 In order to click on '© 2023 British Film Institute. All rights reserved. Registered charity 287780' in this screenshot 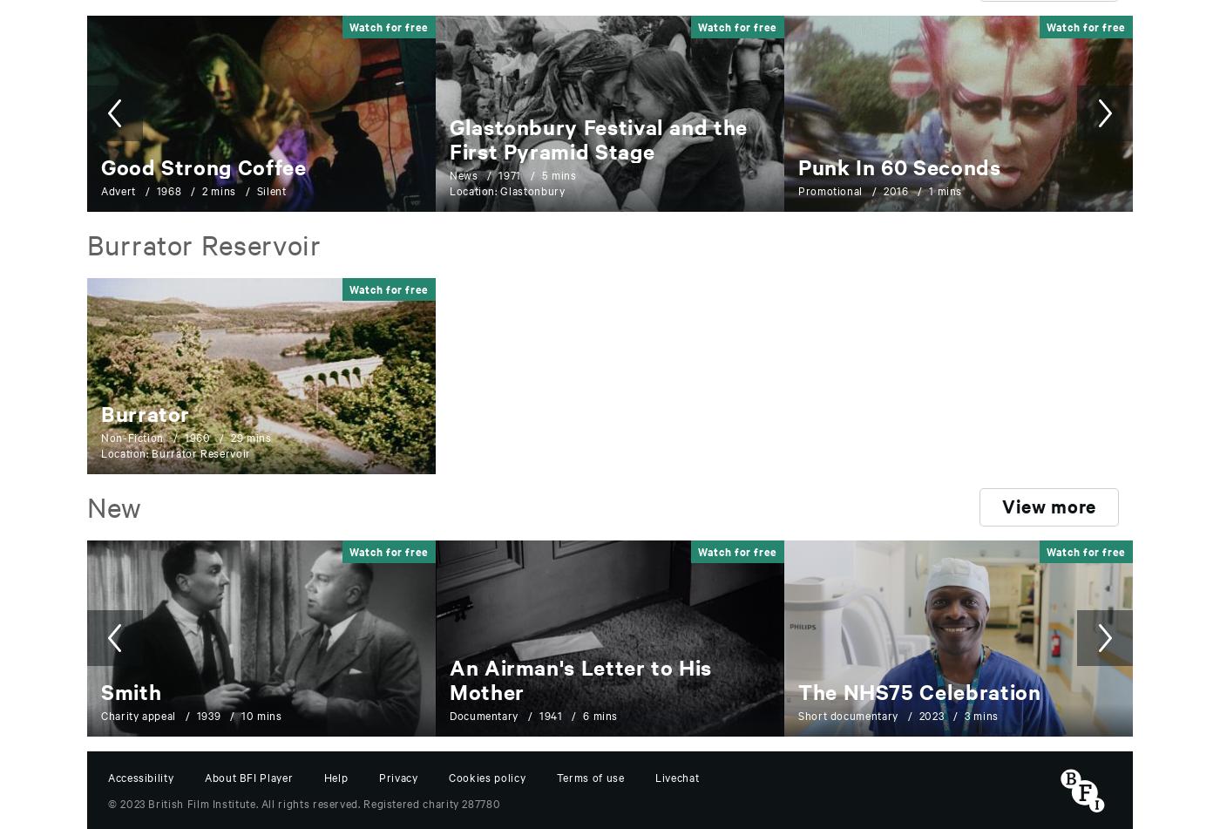, I will do `click(304, 800)`.